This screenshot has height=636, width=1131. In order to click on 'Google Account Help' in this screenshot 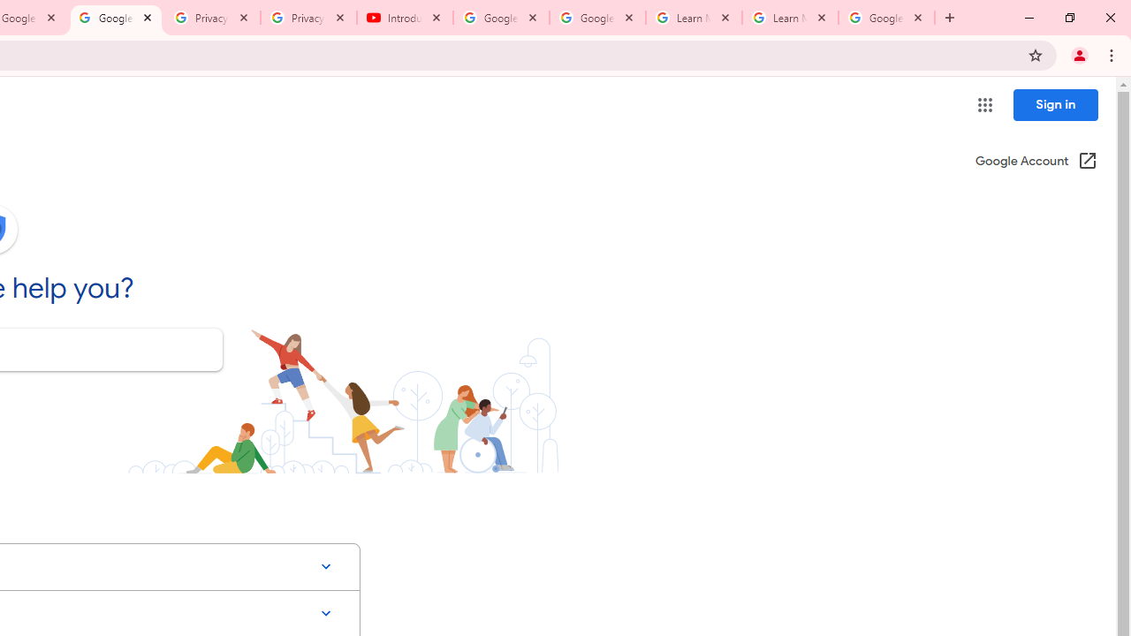, I will do `click(115, 18)`.